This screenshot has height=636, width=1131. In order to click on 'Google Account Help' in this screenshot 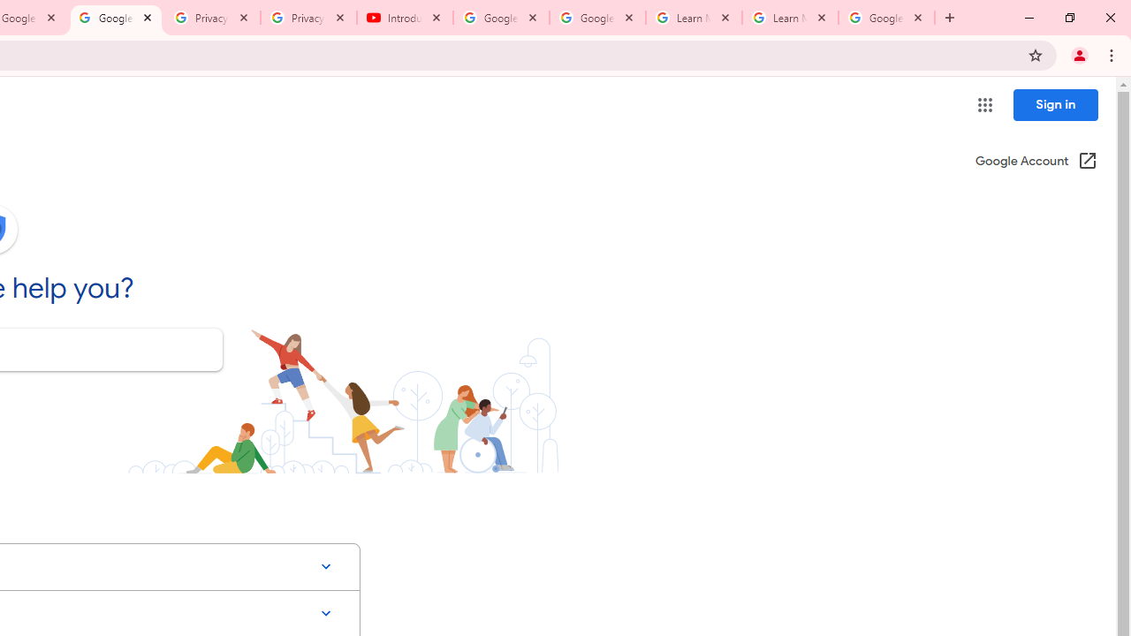, I will do `click(115, 18)`.